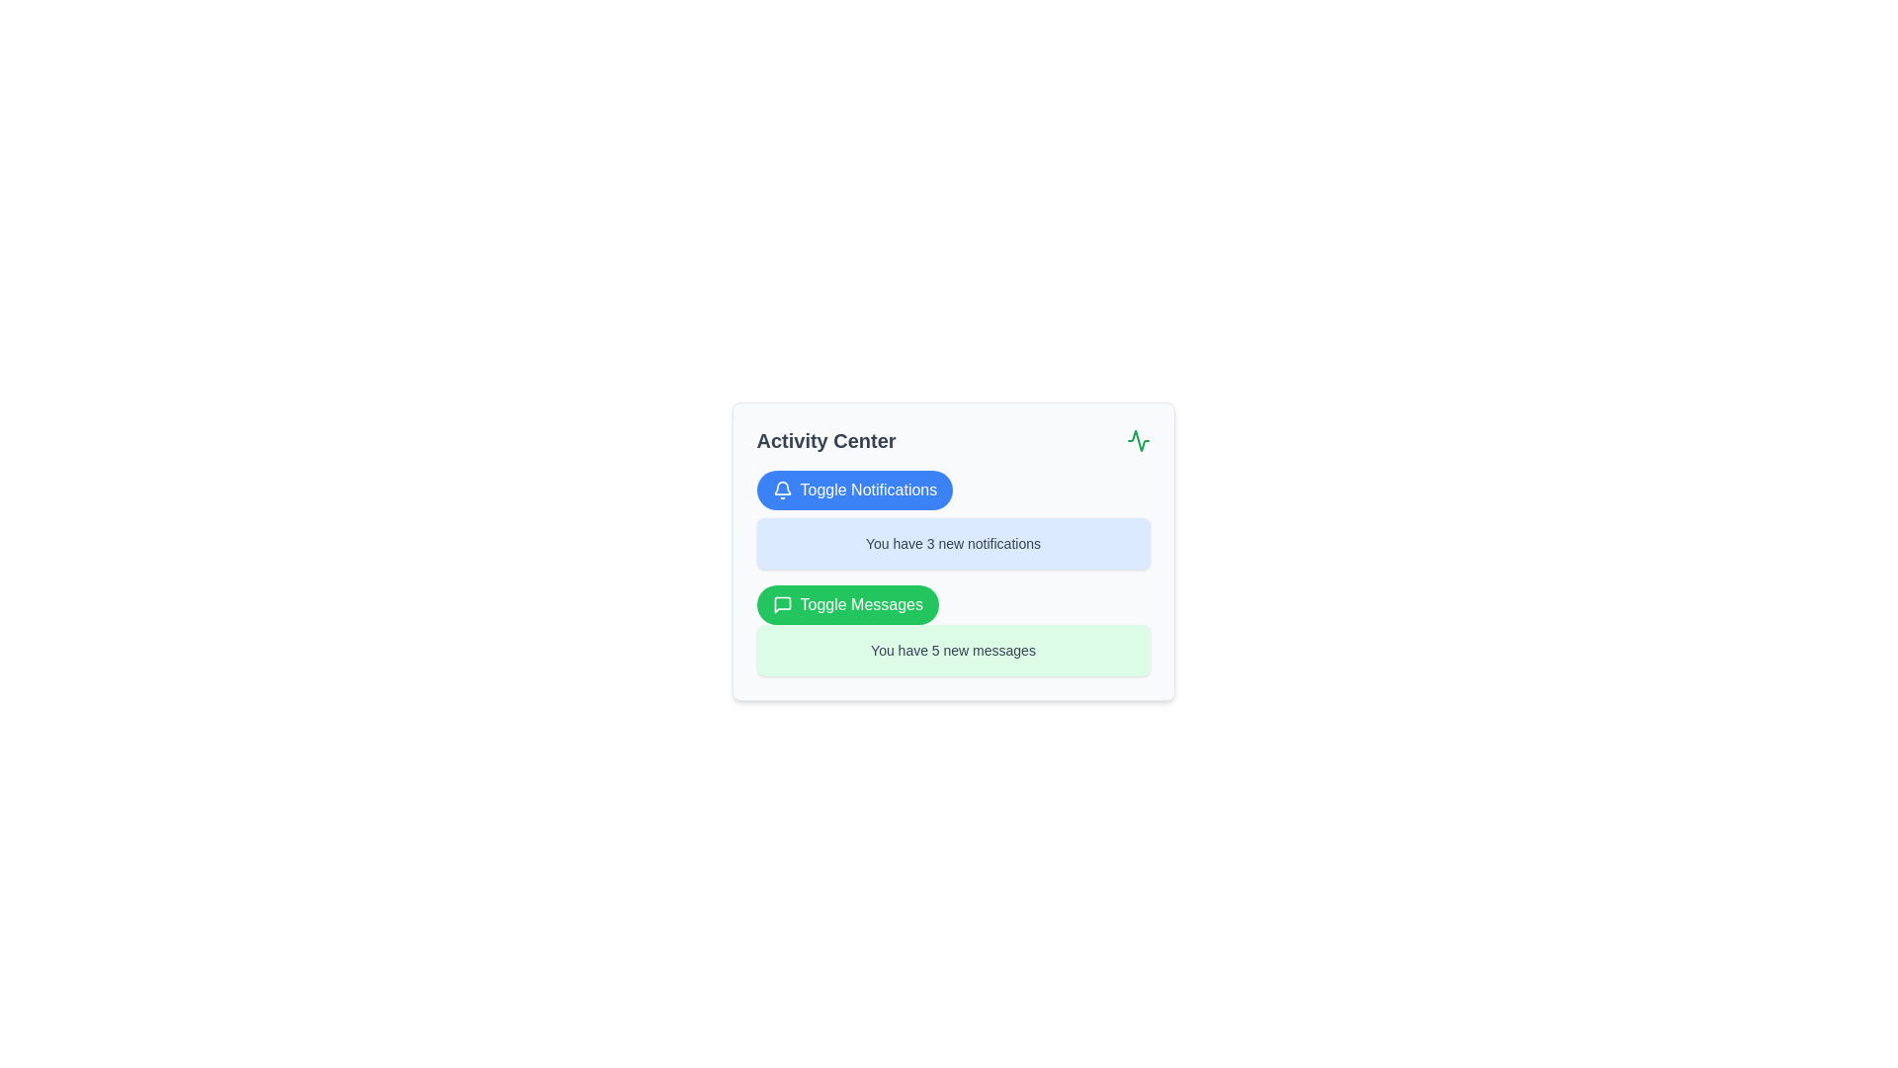 This screenshot has height=1068, width=1898. Describe the element at coordinates (1138, 440) in the screenshot. I see `the icon representing activity within the 'Activity Center' by moving the cursor to its center point` at that location.